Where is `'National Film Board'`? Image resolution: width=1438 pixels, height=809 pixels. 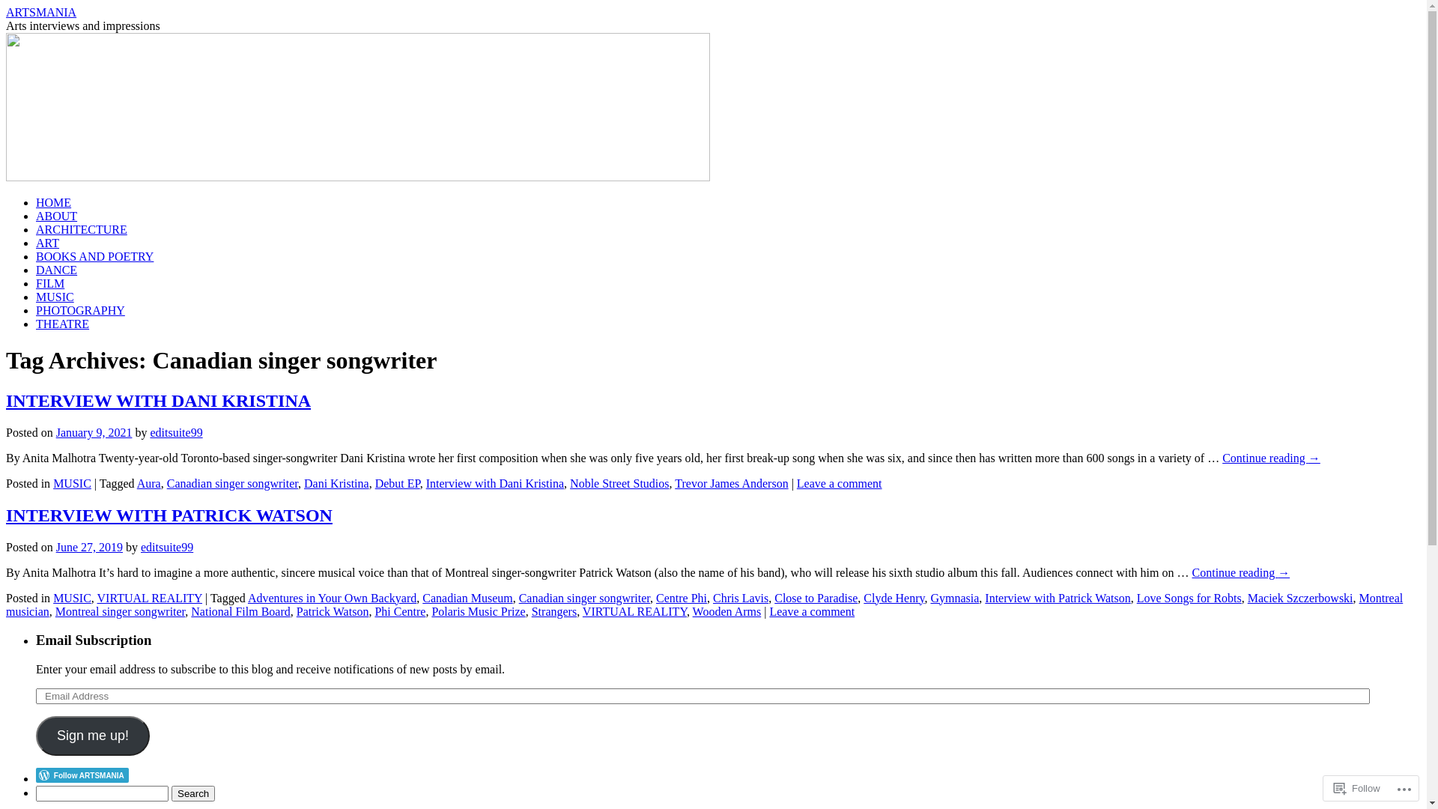 'National Film Board' is located at coordinates (240, 611).